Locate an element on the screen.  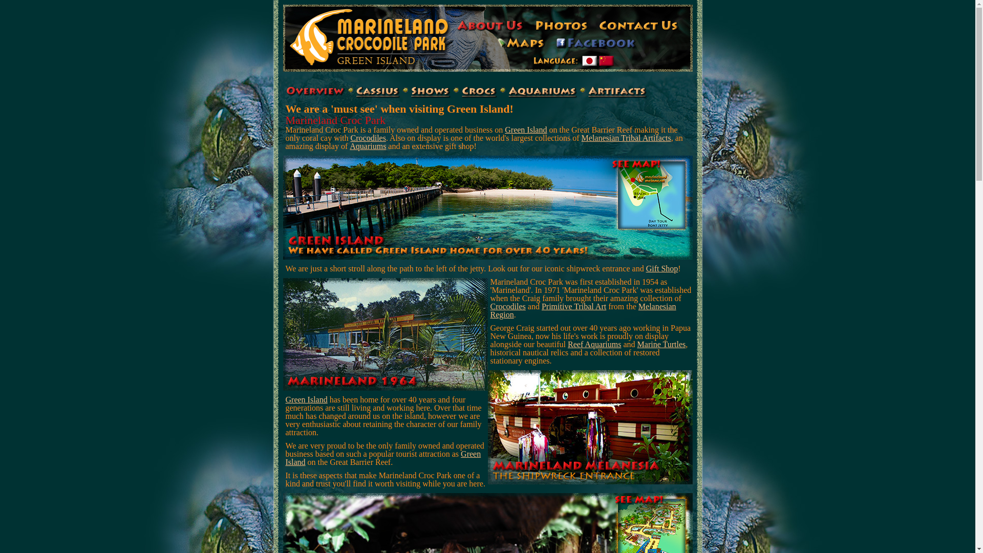
'Crocodiles' is located at coordinates (368, 137).